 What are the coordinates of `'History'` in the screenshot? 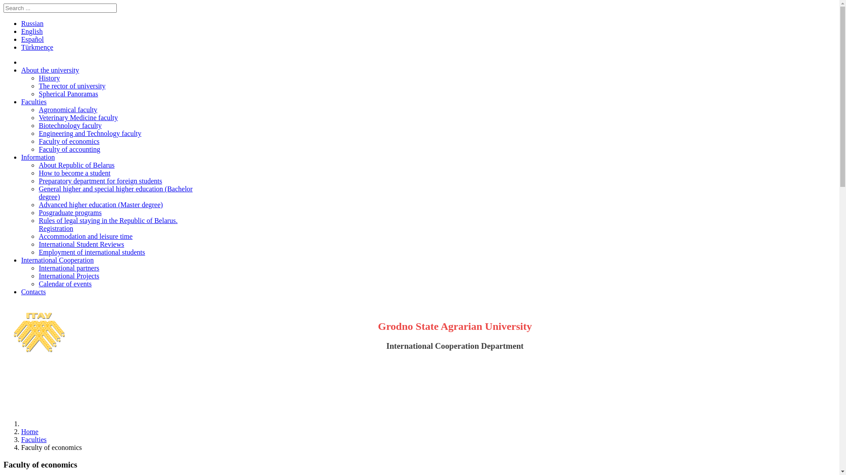 It's located at (48, 77).